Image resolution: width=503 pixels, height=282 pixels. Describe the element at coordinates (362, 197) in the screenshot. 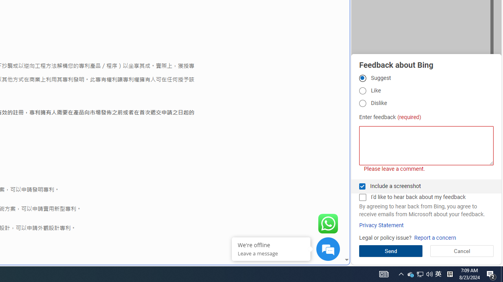

I see `'I'` at that location.